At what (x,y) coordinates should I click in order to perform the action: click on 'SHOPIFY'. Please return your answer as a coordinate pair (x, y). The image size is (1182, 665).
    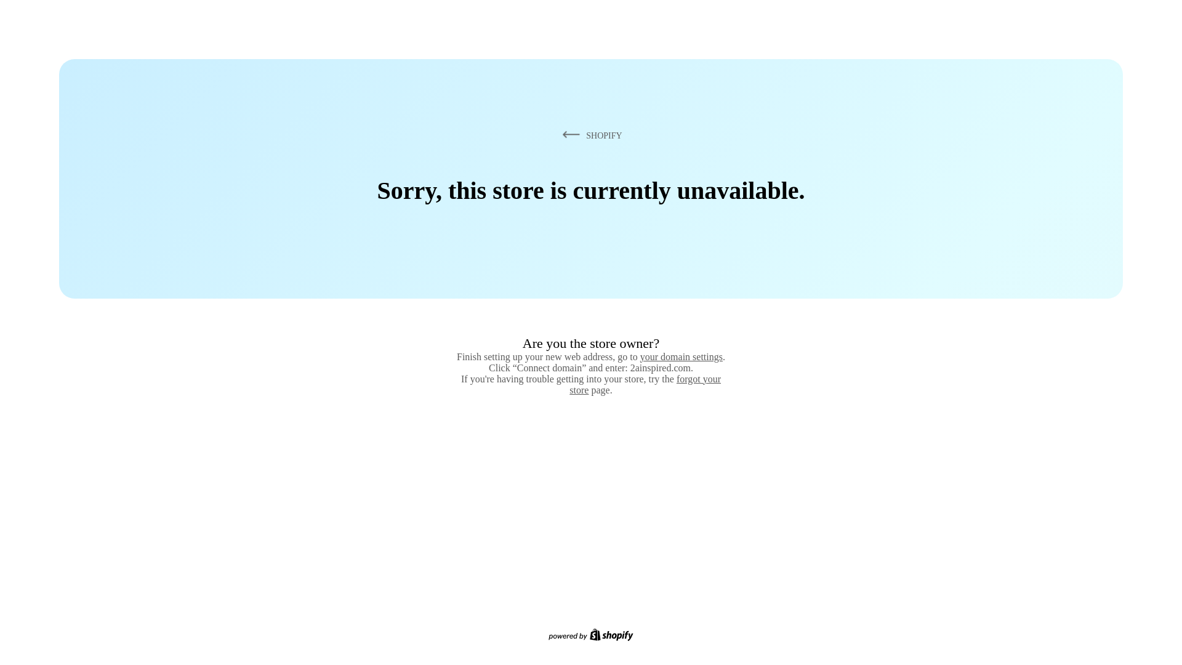
    Looking at the image, I should click on (558, 135).